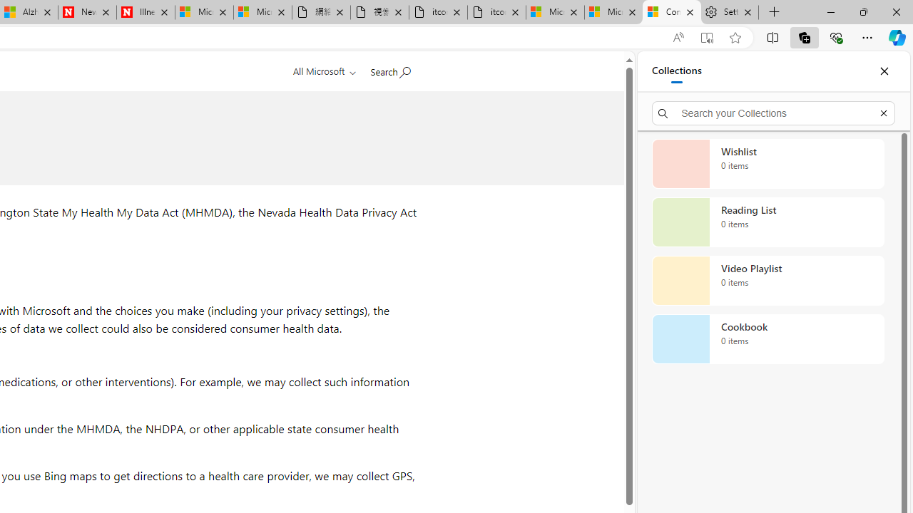 The height and width of the screenshot is (513, 913). What do you see at coordinates (146, 12) in the screenshot?
I see `'Illness news & latest pictures from Newsweek.com'` at bounding box center [146, 12].